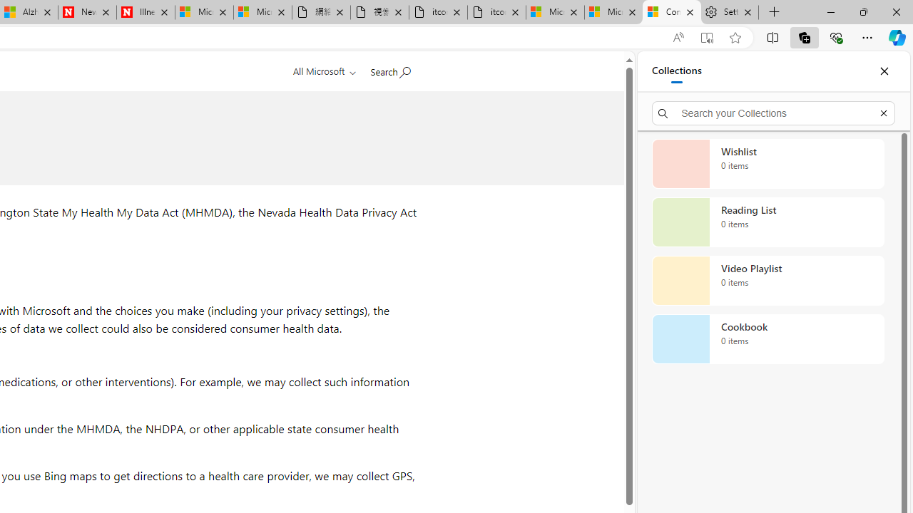 The height and width of the screenshot is (513, 913). What do you see at coordinates (146, 12) in the screenshot?
I see `'Illness news & latest pictures from Newsweek.com'` at bounding box center [146, 12].